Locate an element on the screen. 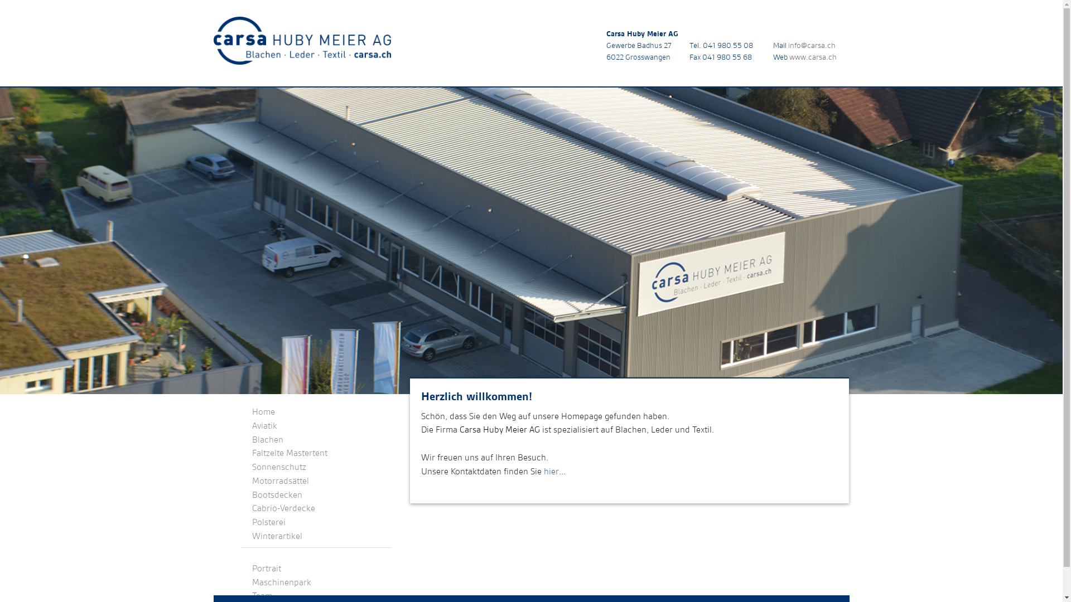 This screenshot has height=602, width=1071. 'Bootsdecken' is located at coordinates (277, 494).